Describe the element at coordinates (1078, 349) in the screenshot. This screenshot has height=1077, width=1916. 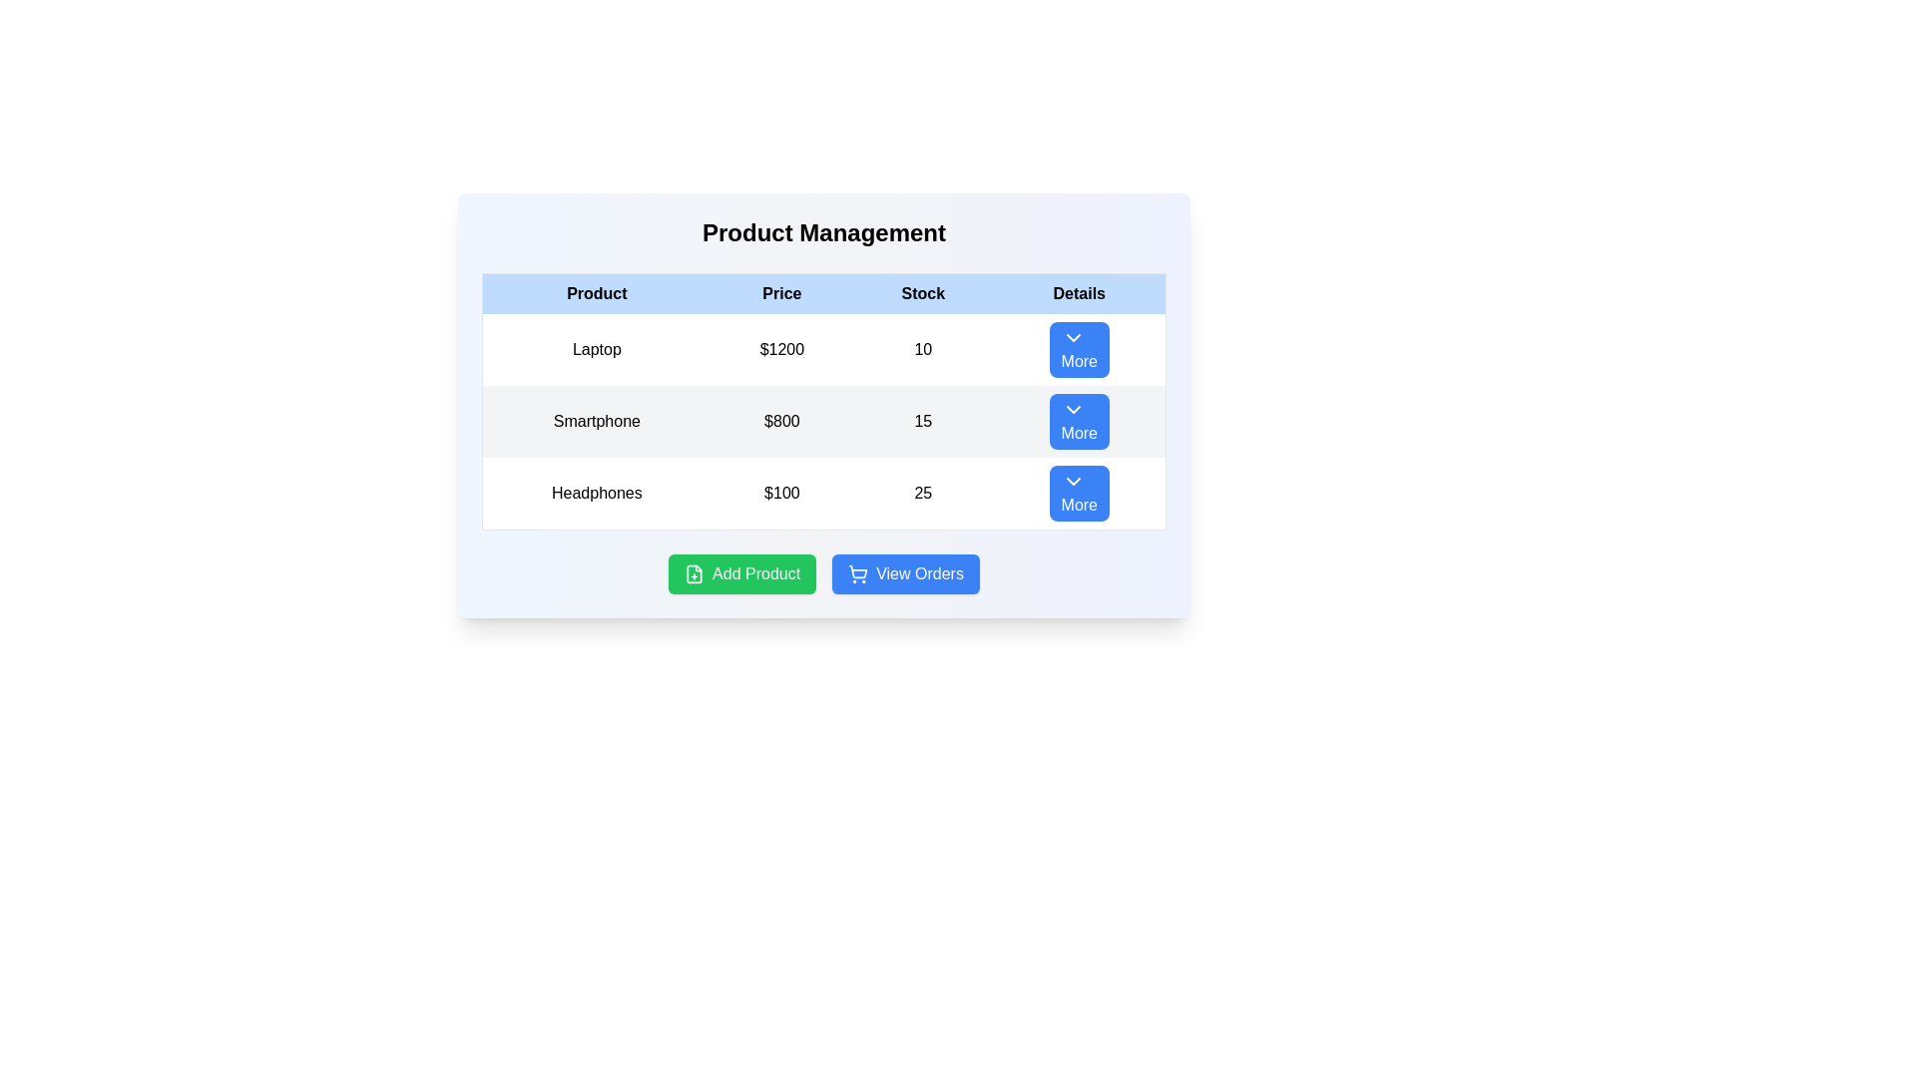
I see `the blue rectangular button labeled 'More' with a downward-facing chevron icon, located in the 'Details' column of the table under the 'Laptop' product` at that location.